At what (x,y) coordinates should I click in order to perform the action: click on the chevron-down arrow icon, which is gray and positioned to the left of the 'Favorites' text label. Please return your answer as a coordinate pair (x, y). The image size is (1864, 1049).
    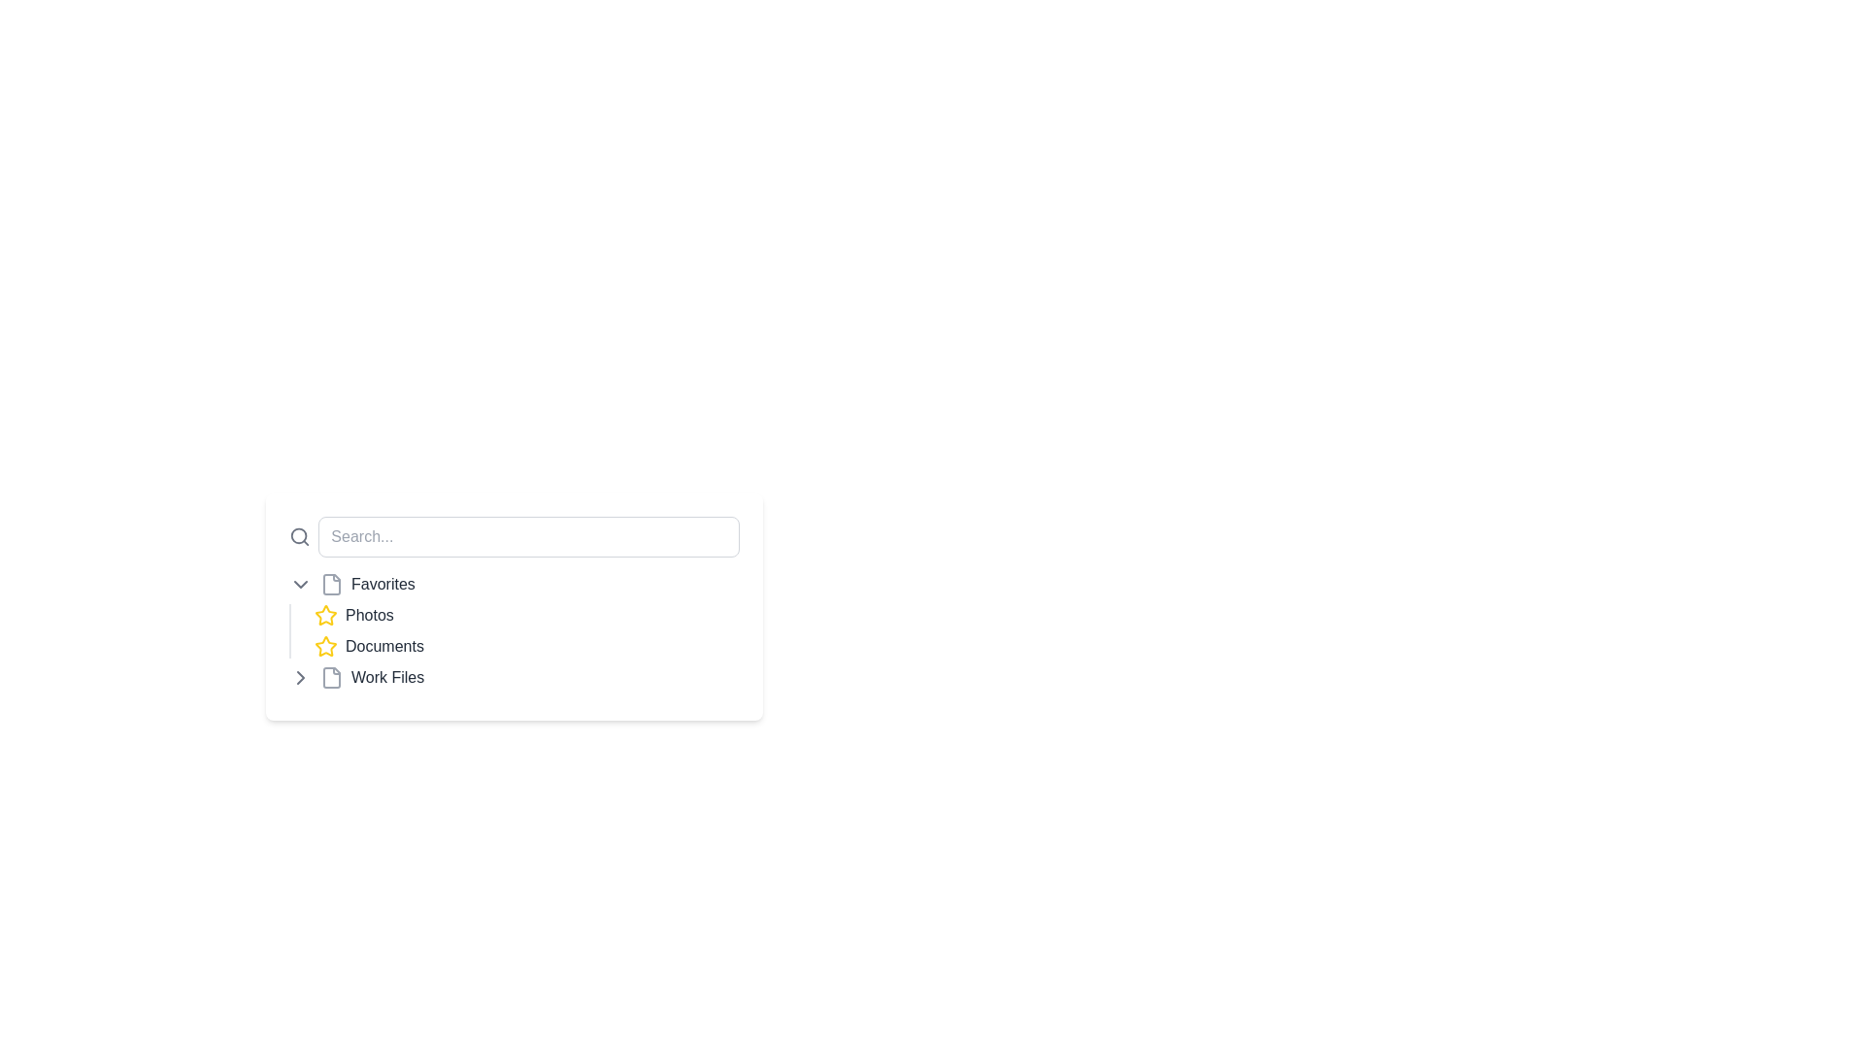
    Looking at the image, I should click on (300, 583).